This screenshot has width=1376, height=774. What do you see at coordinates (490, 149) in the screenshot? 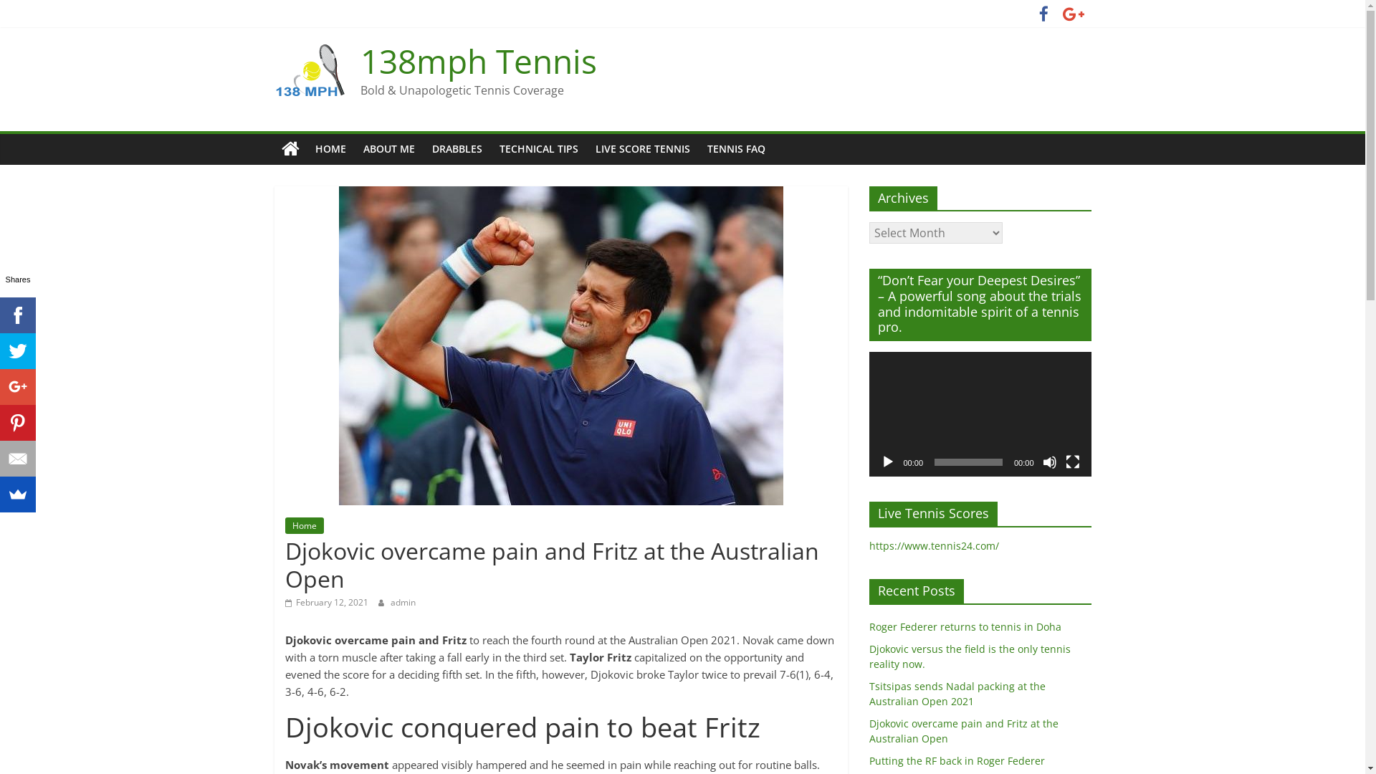
I see `'TECHNICAL TIPS'` at bounding box center [490, 149].